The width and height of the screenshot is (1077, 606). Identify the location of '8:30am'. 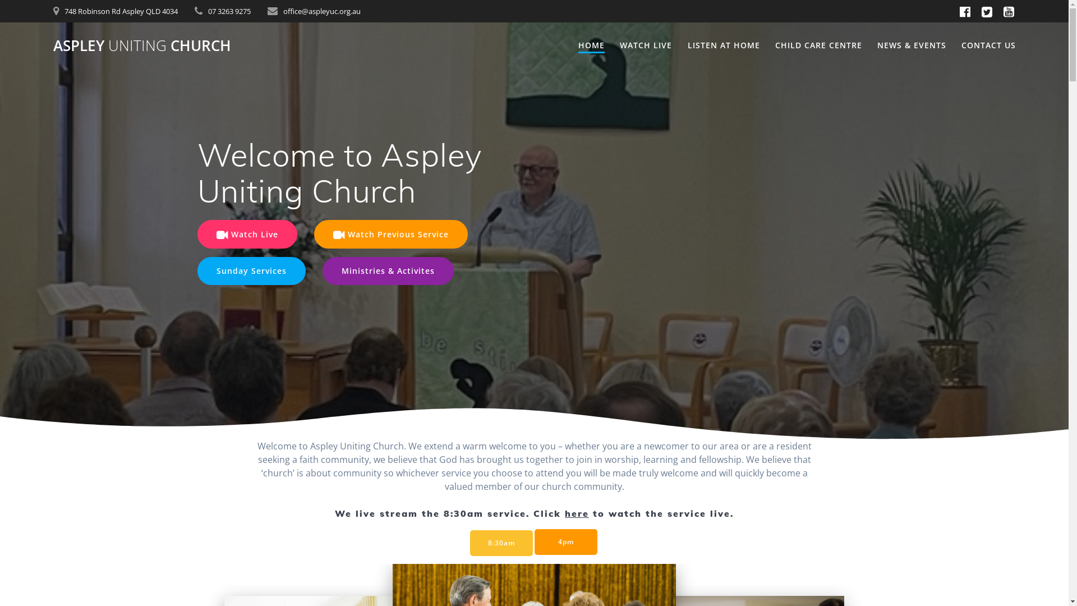
(500, 543).